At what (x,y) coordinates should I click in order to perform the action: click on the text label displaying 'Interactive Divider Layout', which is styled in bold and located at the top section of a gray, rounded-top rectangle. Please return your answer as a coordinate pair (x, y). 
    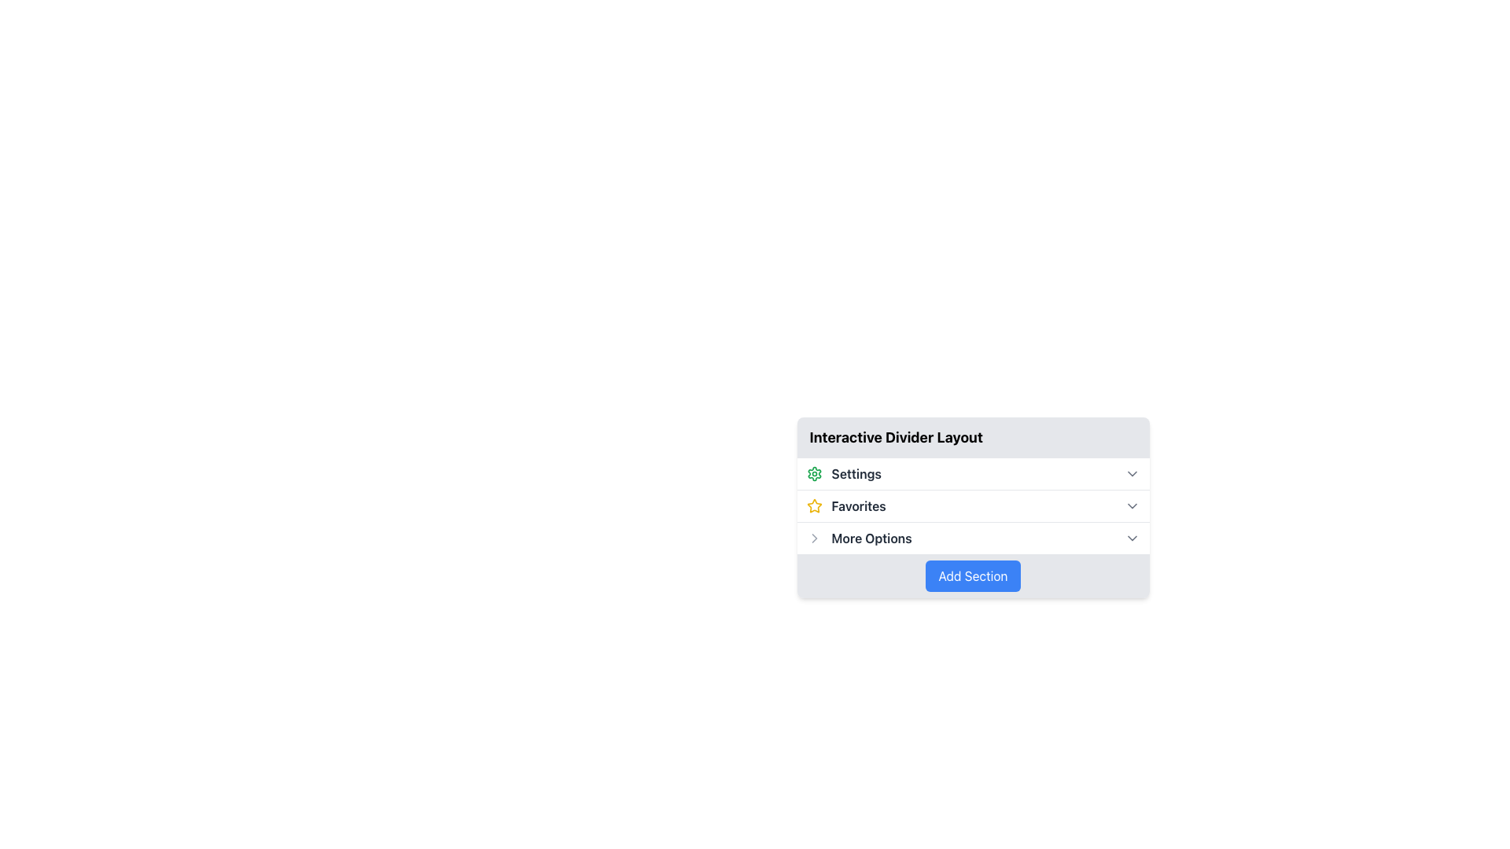
    Looking at the image, I should click on (896, 437).